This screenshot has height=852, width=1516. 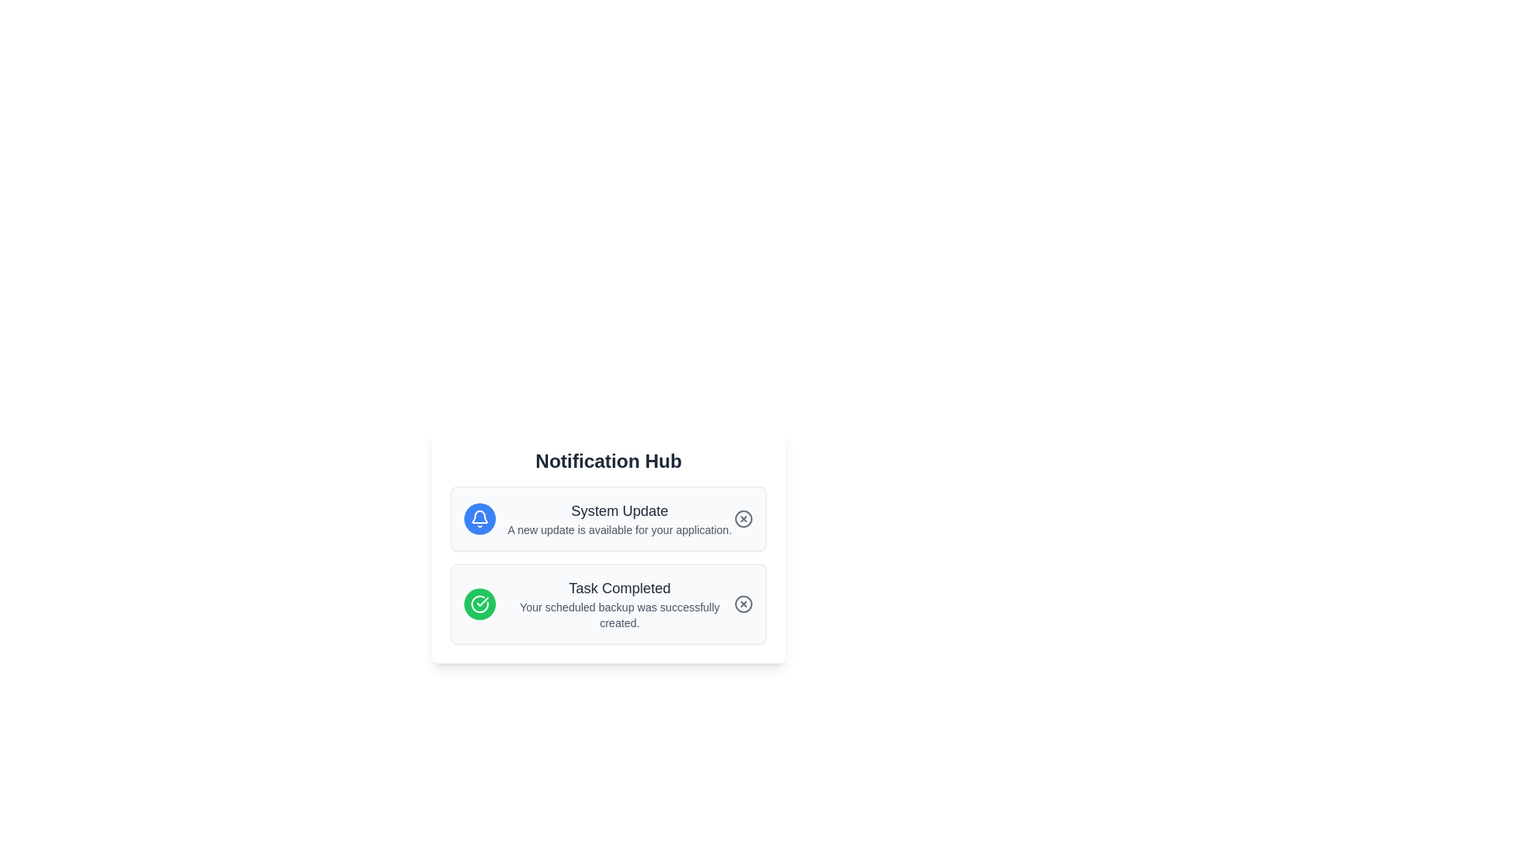 I want to click on text label that informs the user about the successful completion of a scheduled backup task, located beneath the 'Task Completed' headline in the notification card, so click(x=619, y=614).